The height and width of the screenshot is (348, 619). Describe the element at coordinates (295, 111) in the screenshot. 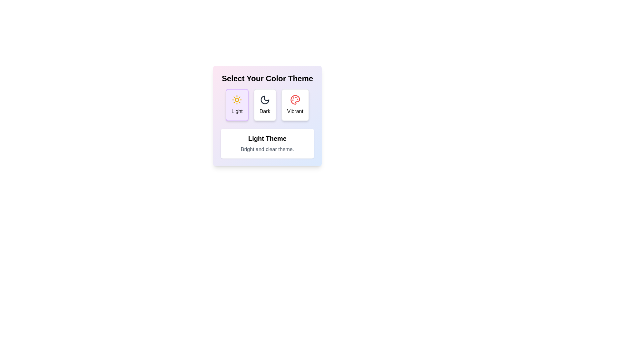

I see `text label indicating the 'Vibrant' color theme, located at the center bottom of the corresponding card` at that location.